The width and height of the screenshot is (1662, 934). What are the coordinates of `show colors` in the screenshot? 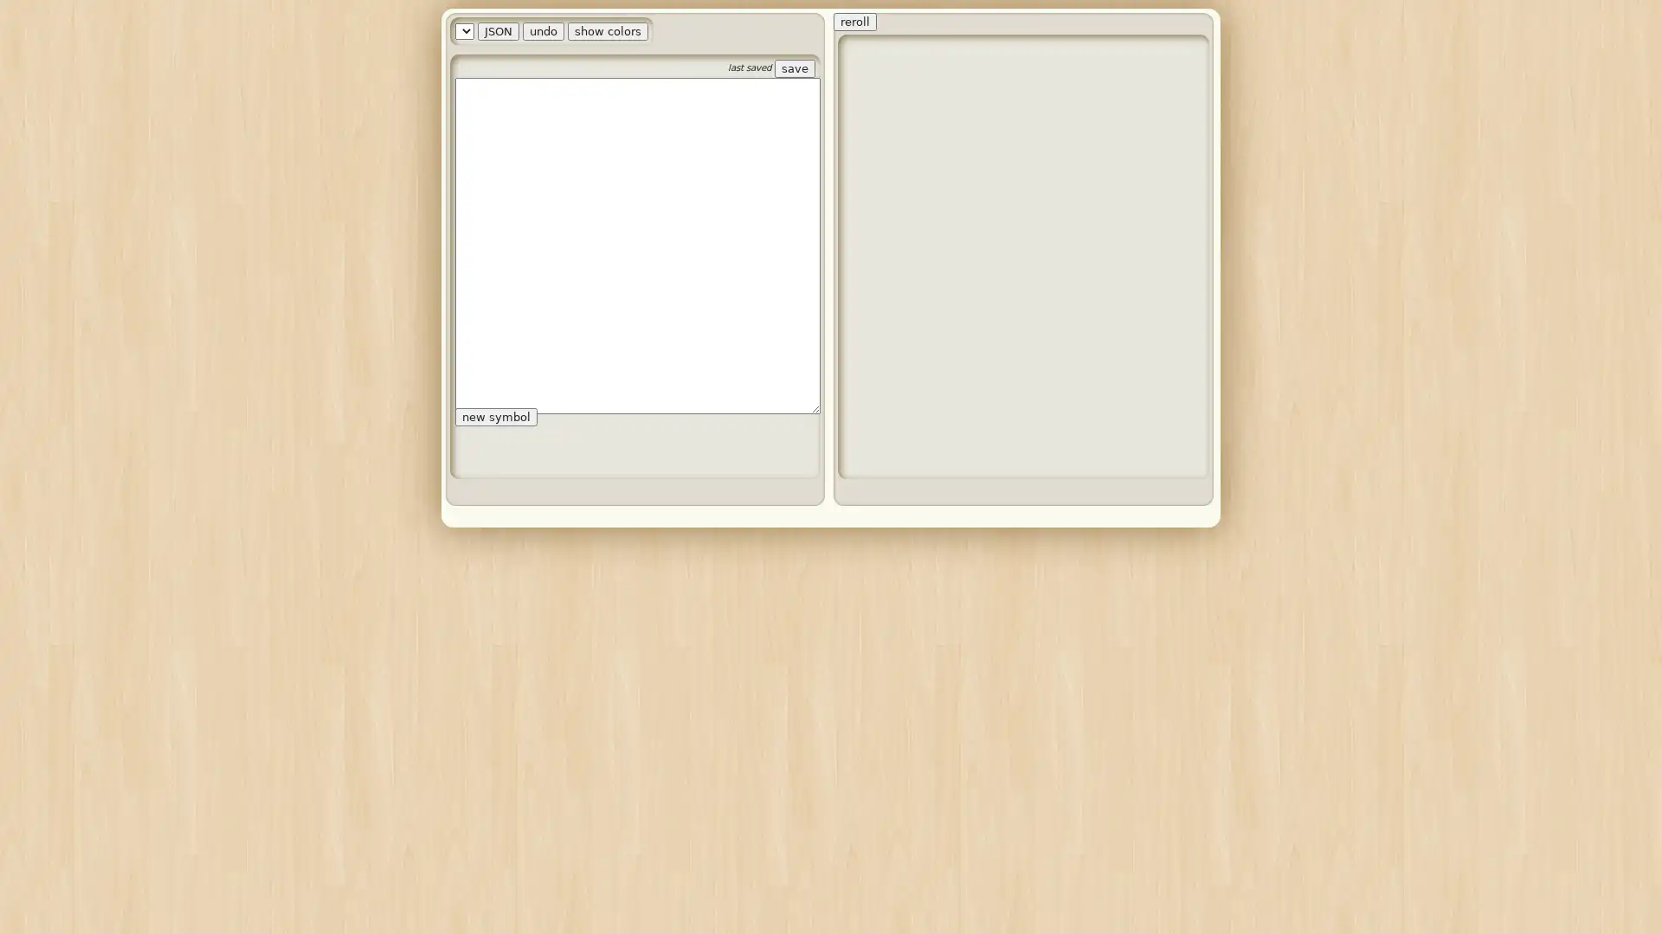 It's located at (686, 31).